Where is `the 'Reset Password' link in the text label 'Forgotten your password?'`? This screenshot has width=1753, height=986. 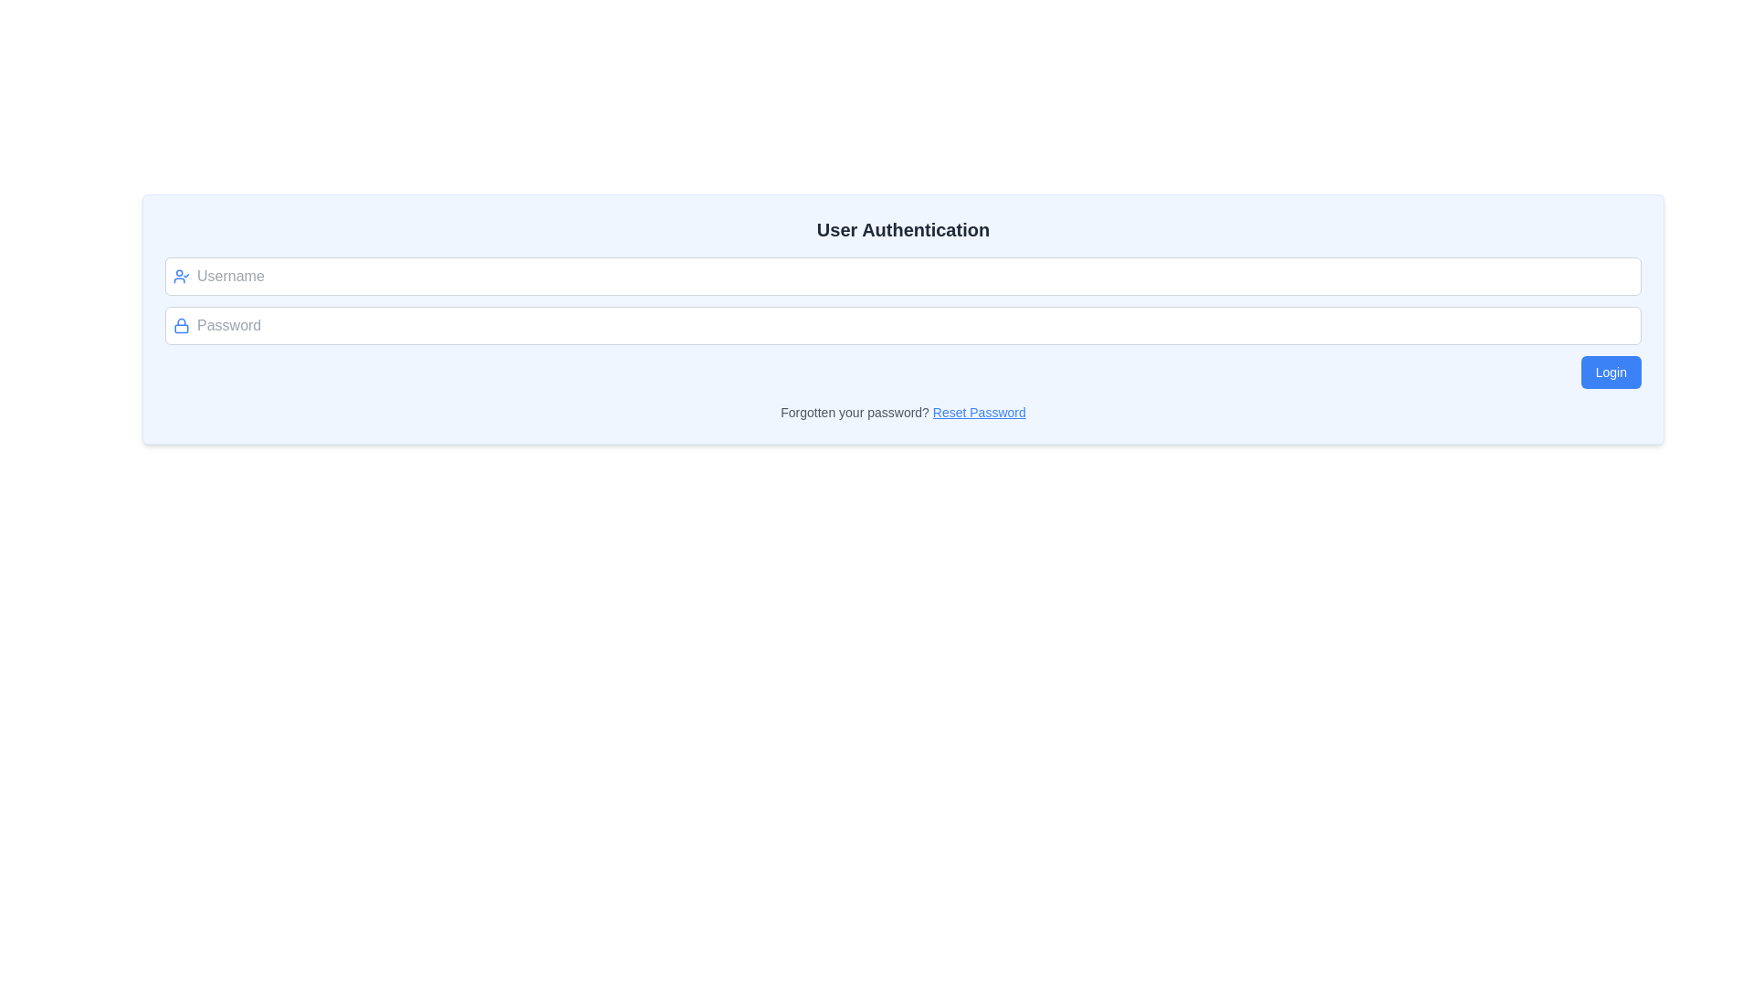 the 'Reset Password' link in the text label 'Forgotten your password?' is located at coordinates (903, 412).